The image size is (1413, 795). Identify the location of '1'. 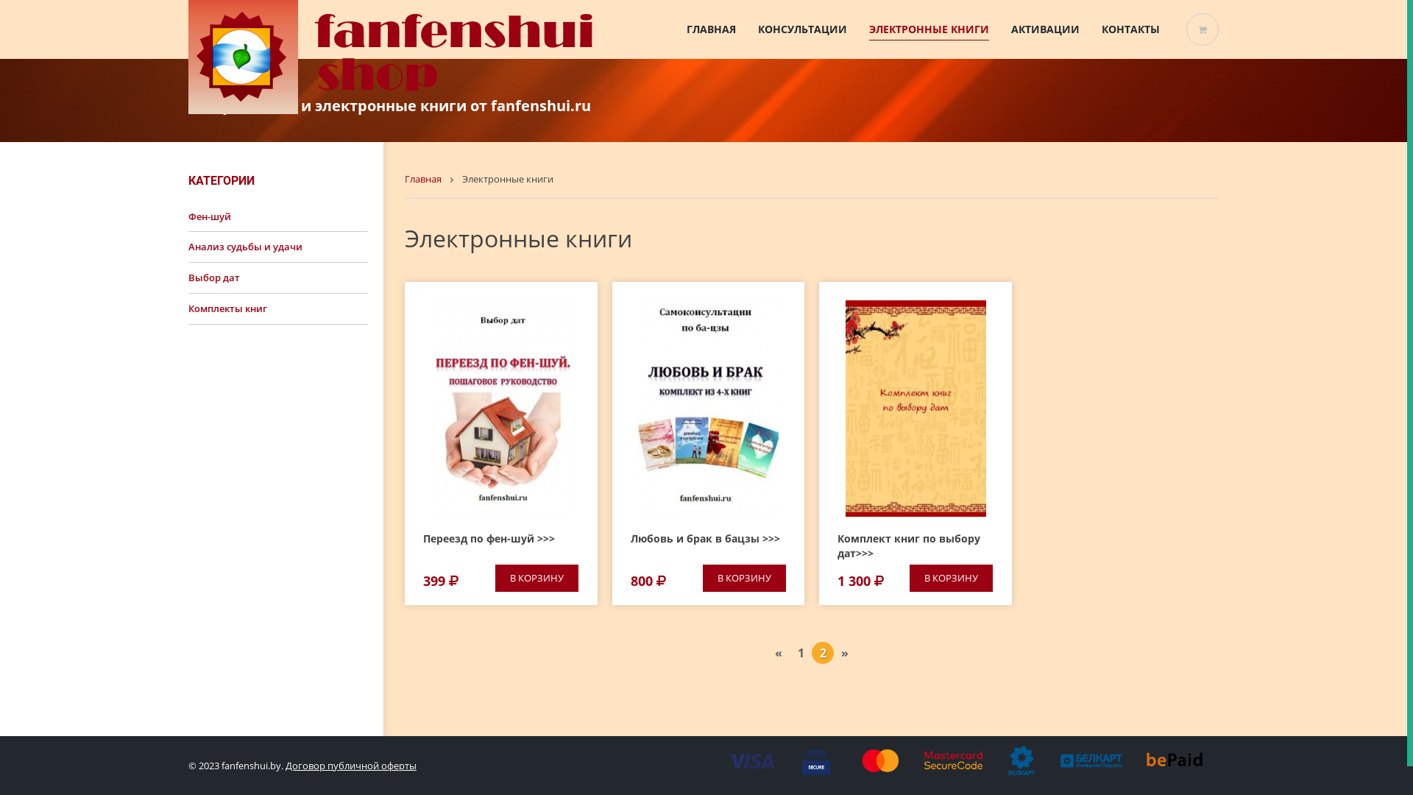
(800, 652).